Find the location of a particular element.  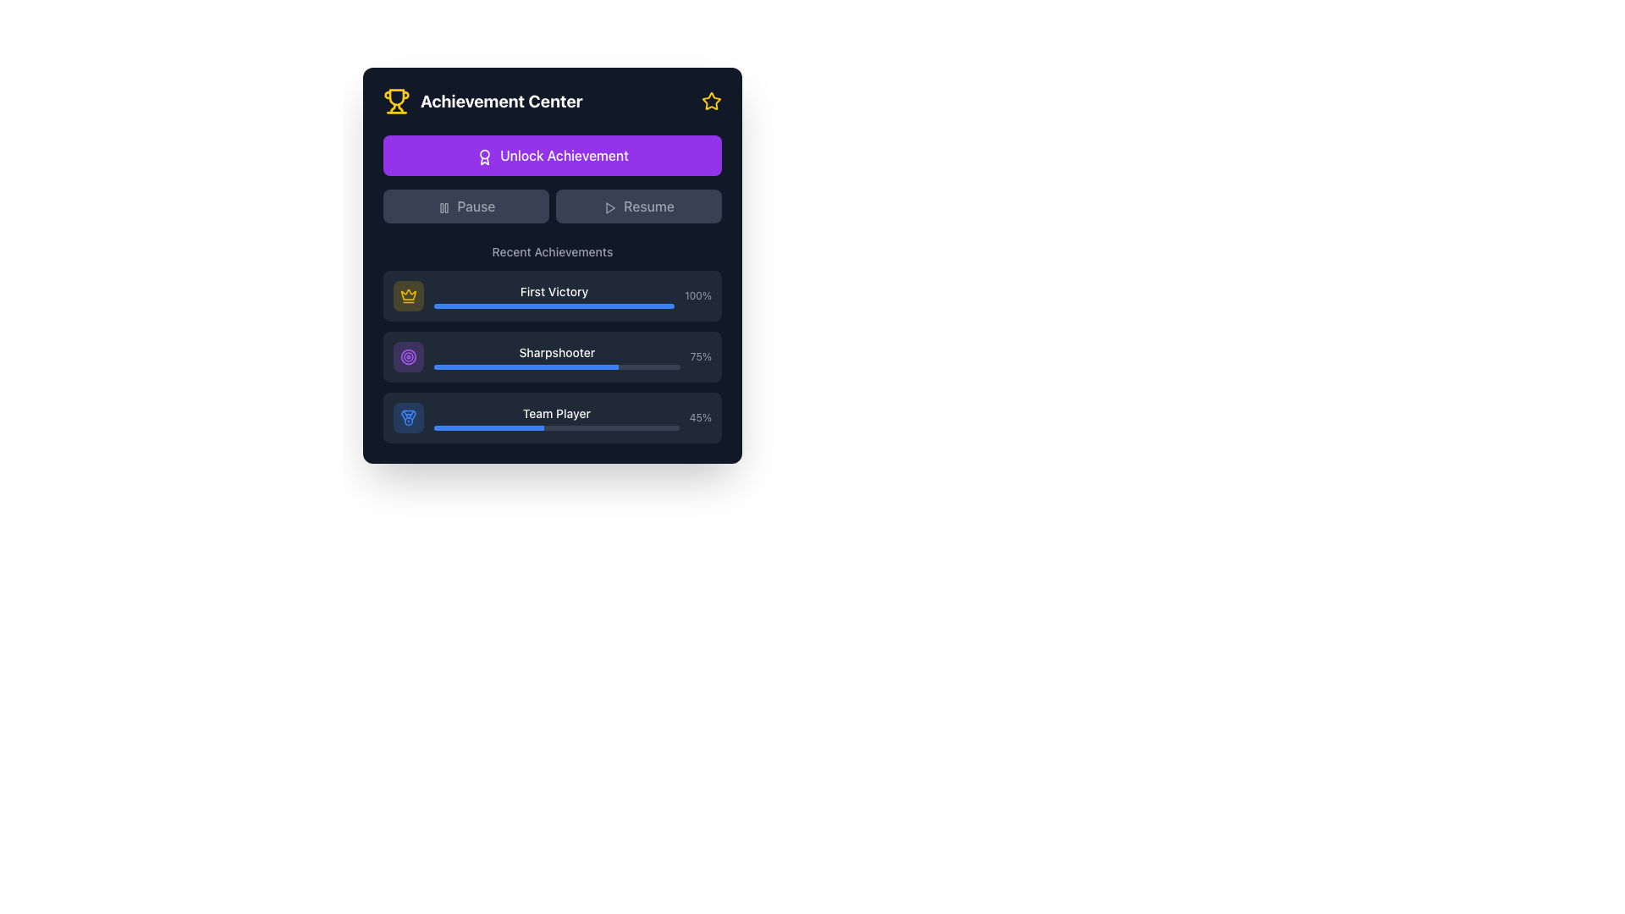

the information displayed in the 'Sharpshooter' achievement row, which includes a progress bar indicating 75% completion and an associated icon, located in the second row of the 'Recent Achievements' section is located at coordinates (552, 355).